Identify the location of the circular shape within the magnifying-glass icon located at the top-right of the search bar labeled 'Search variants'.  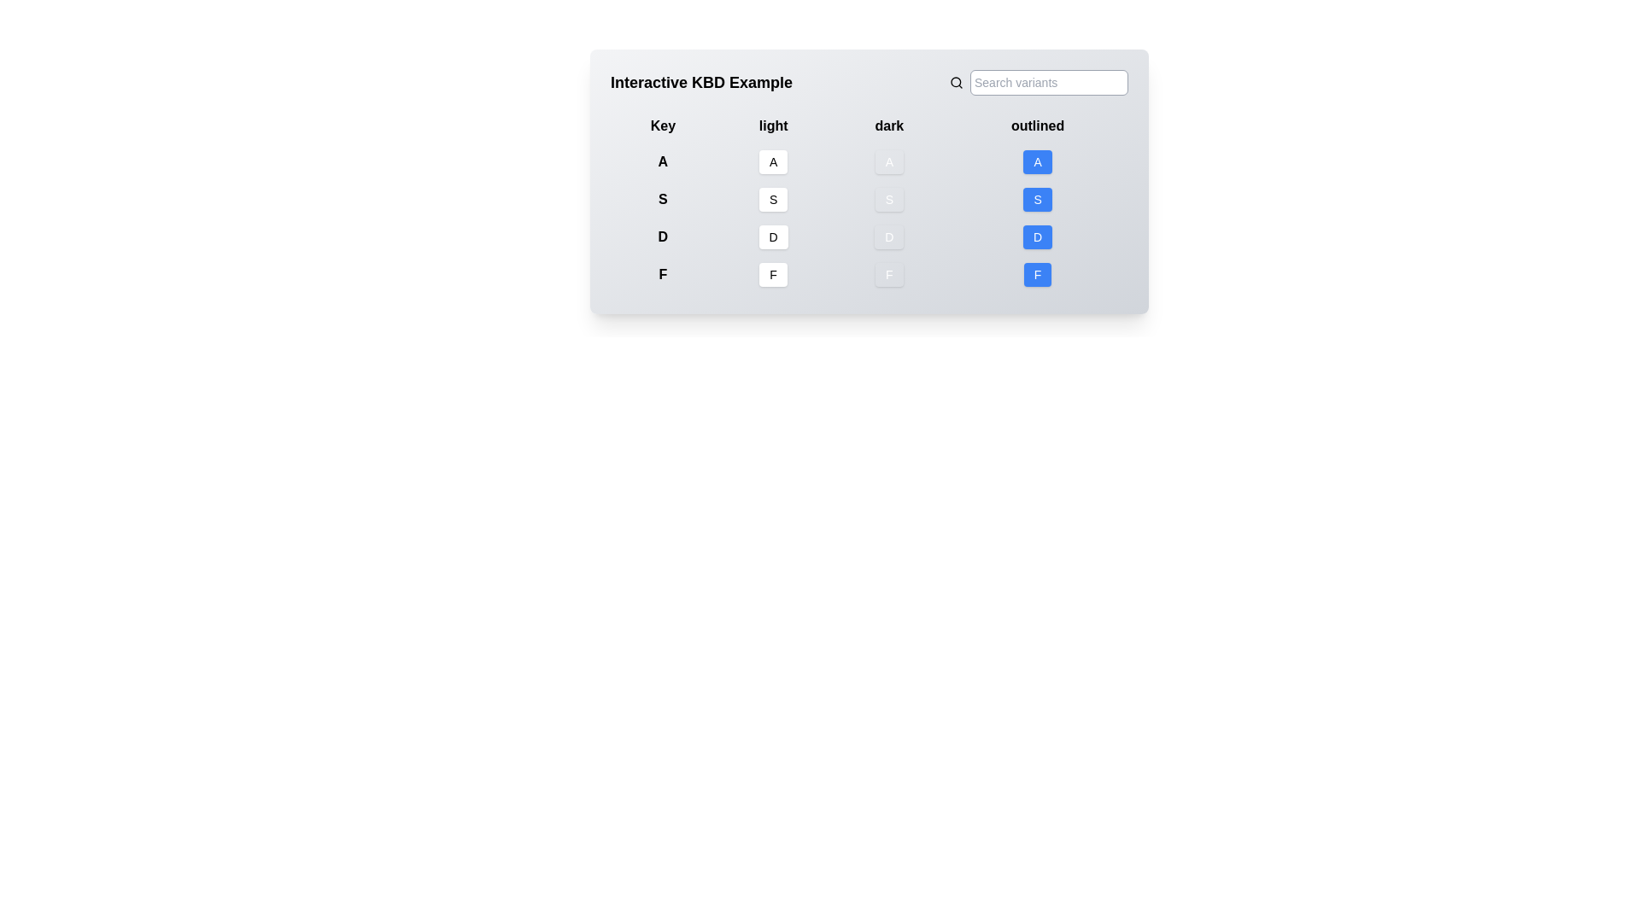
(955, 82).